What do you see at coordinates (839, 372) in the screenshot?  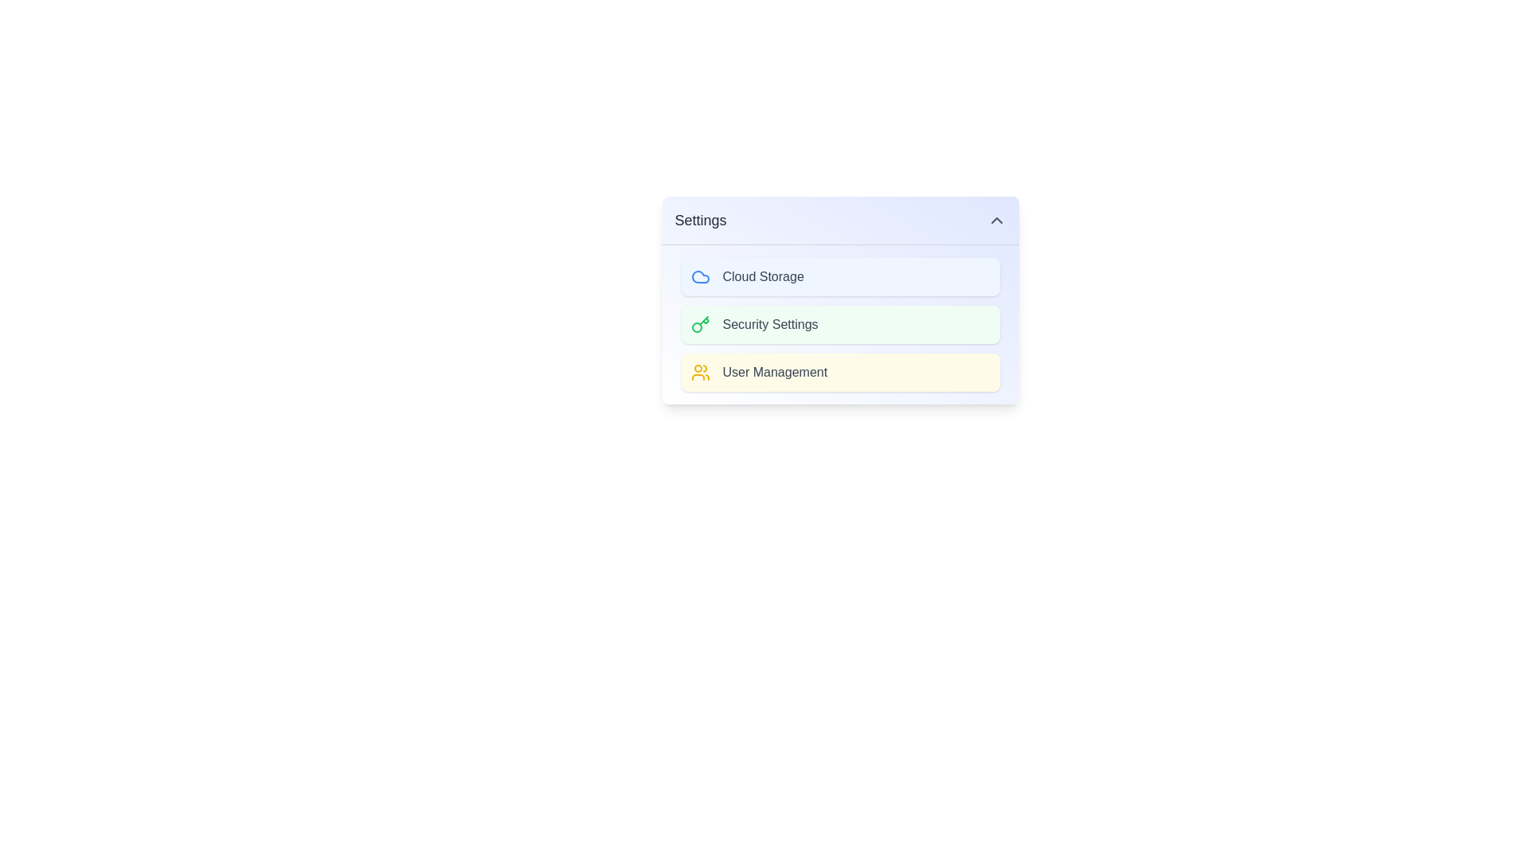 I see `the third list item in the 'Settings' section, which triggers a tooltip display or changes its styling` at bounding box center [839, 372].